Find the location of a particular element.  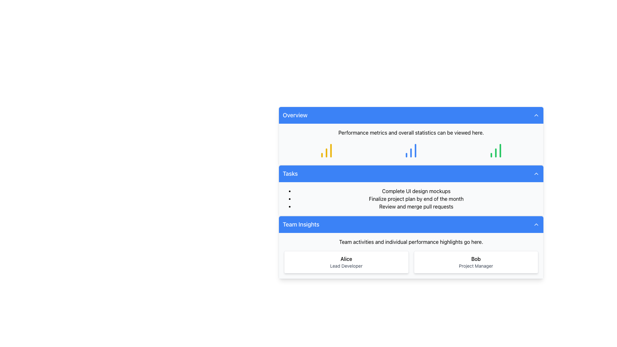

the text label that contains the message 'Team activities and individual performance highlights go here.' located in the 'Team Insights' section, above the cards for 'Alice - Lead Developer' and 'Bob - Project Manager.' is located at coordinates (411, 242).